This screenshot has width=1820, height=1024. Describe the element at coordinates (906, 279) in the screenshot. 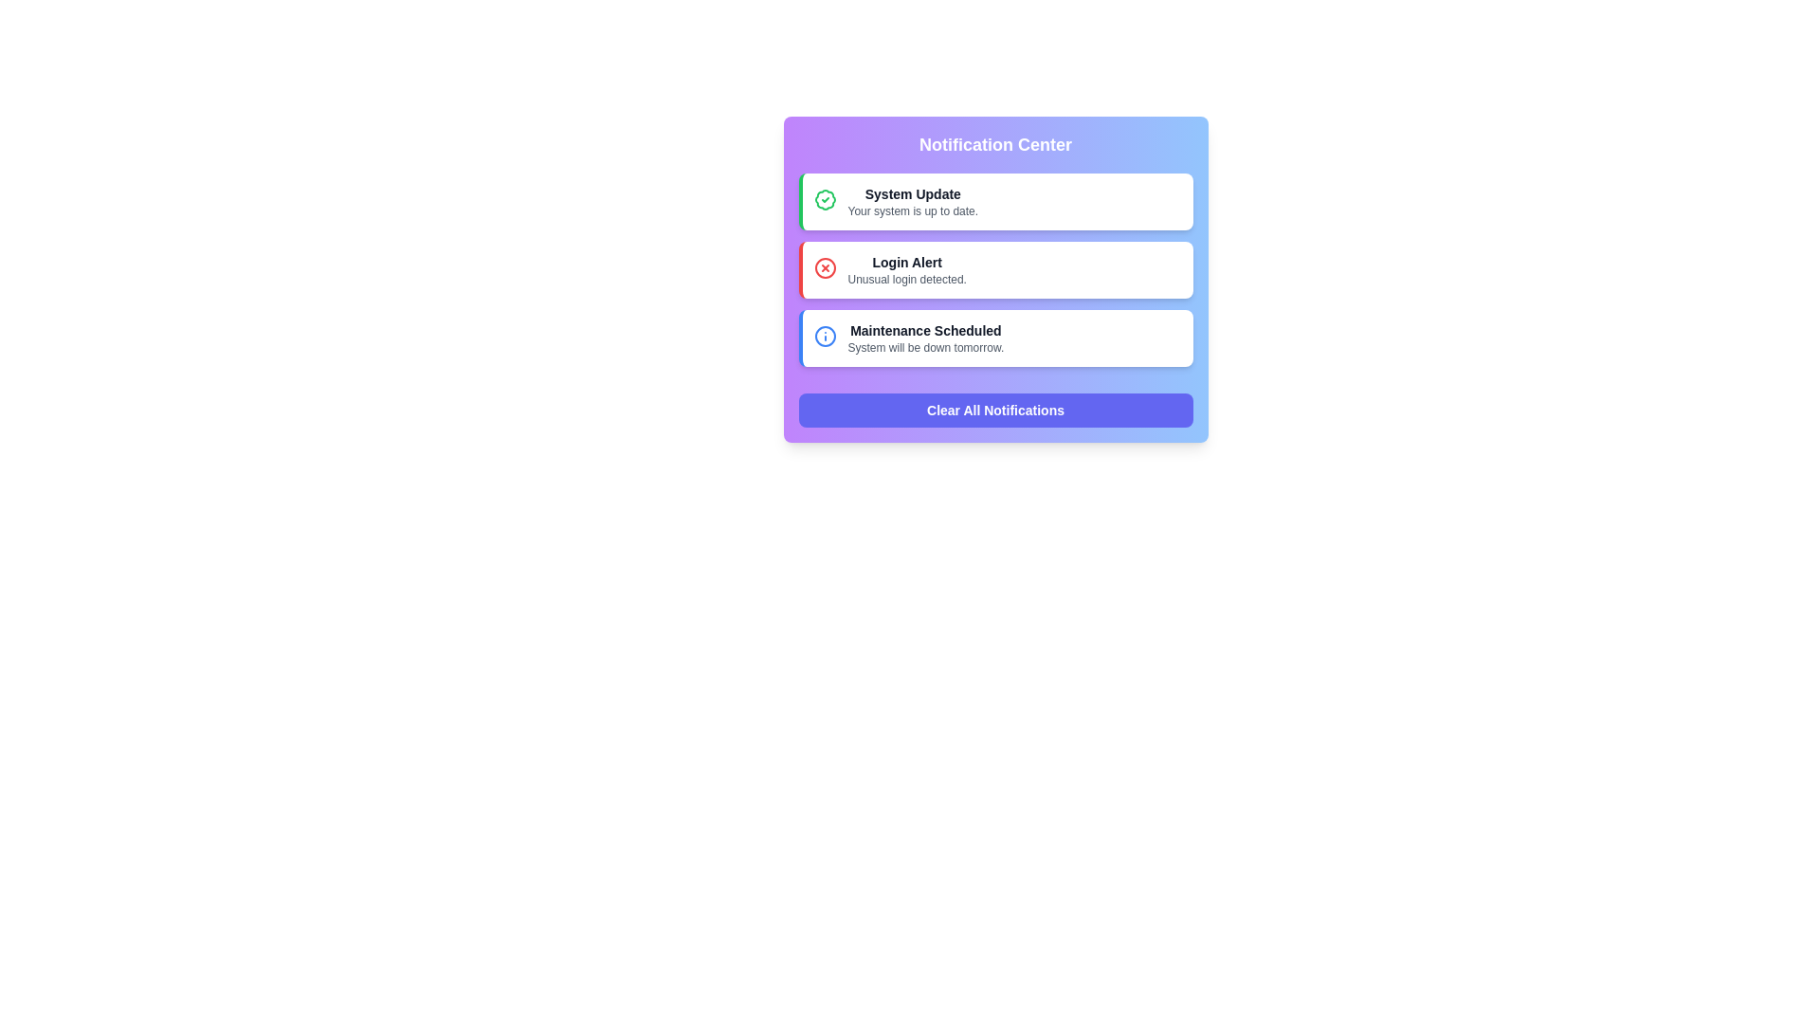

I see `the text label that provides descriptive information for the notification alerting the user of unusual login activity, located under the 'Login Alert' title in the second notification section` at that location.